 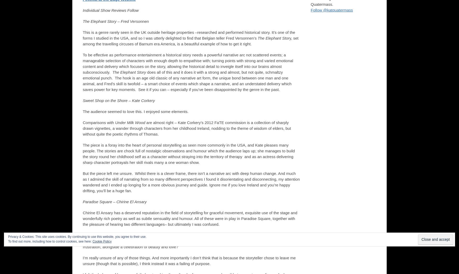 I want to click on 'y, set among the travelling circuses of Barnum era America, is a beautiful example of how to get it right.', so click(x=190, y=41).